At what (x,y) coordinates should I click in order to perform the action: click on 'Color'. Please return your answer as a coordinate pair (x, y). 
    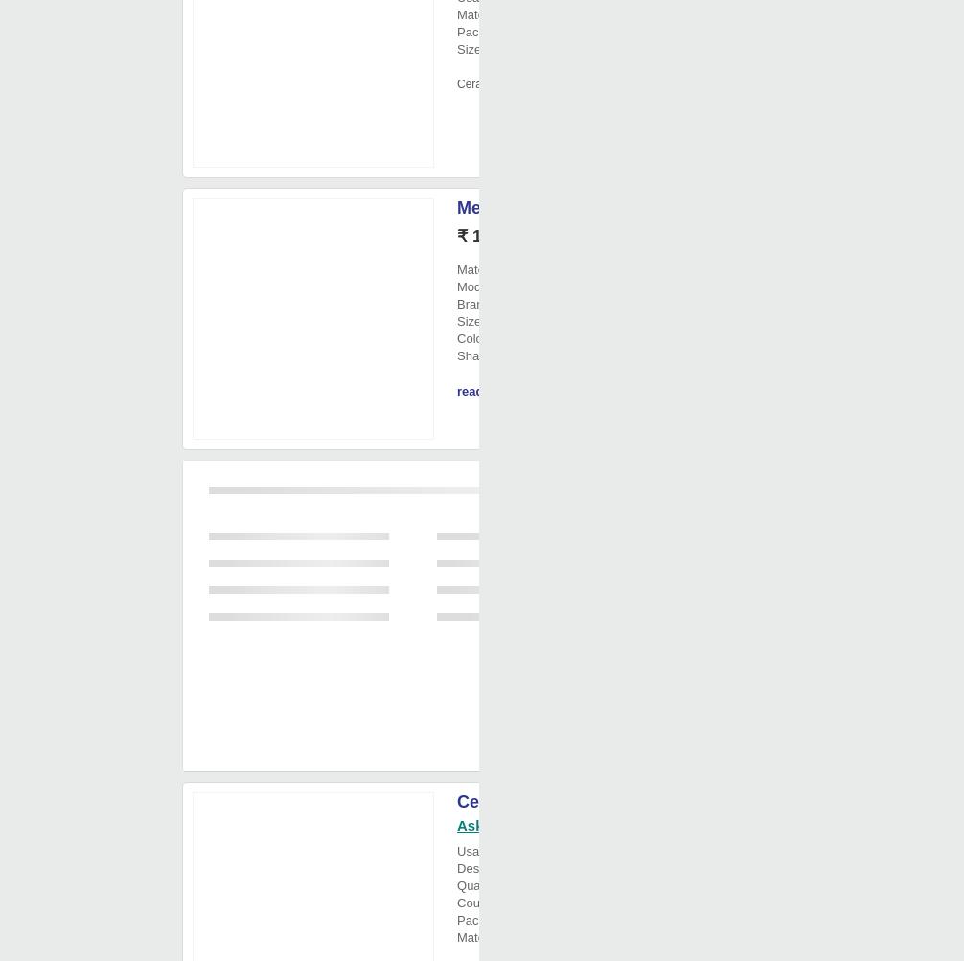
    Looking at the image, I should click on (471, 337).